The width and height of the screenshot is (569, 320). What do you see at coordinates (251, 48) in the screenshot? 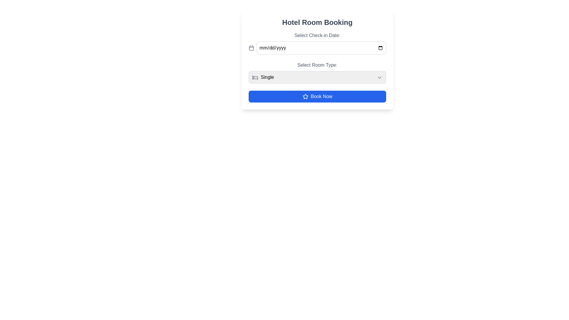
I see `the calendar icon` at bounding box center [251, 48].